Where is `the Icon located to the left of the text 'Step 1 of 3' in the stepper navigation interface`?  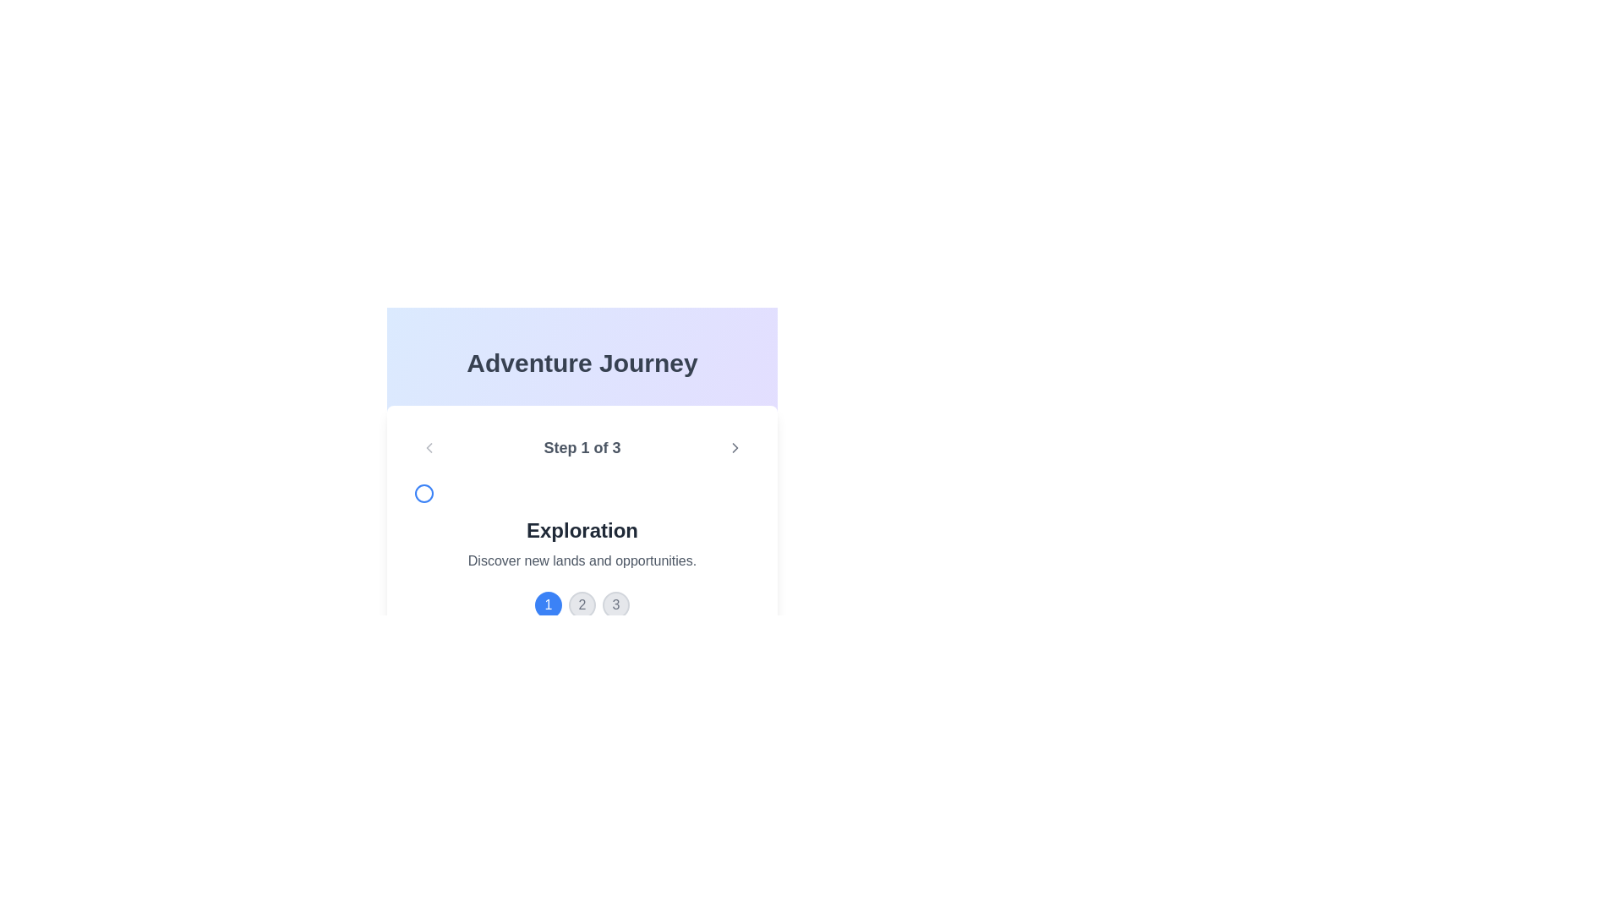 the Icon located to the left of the text 'Step 1 of 3' in the stepper navigation interface is located at coordinates (424, 493).